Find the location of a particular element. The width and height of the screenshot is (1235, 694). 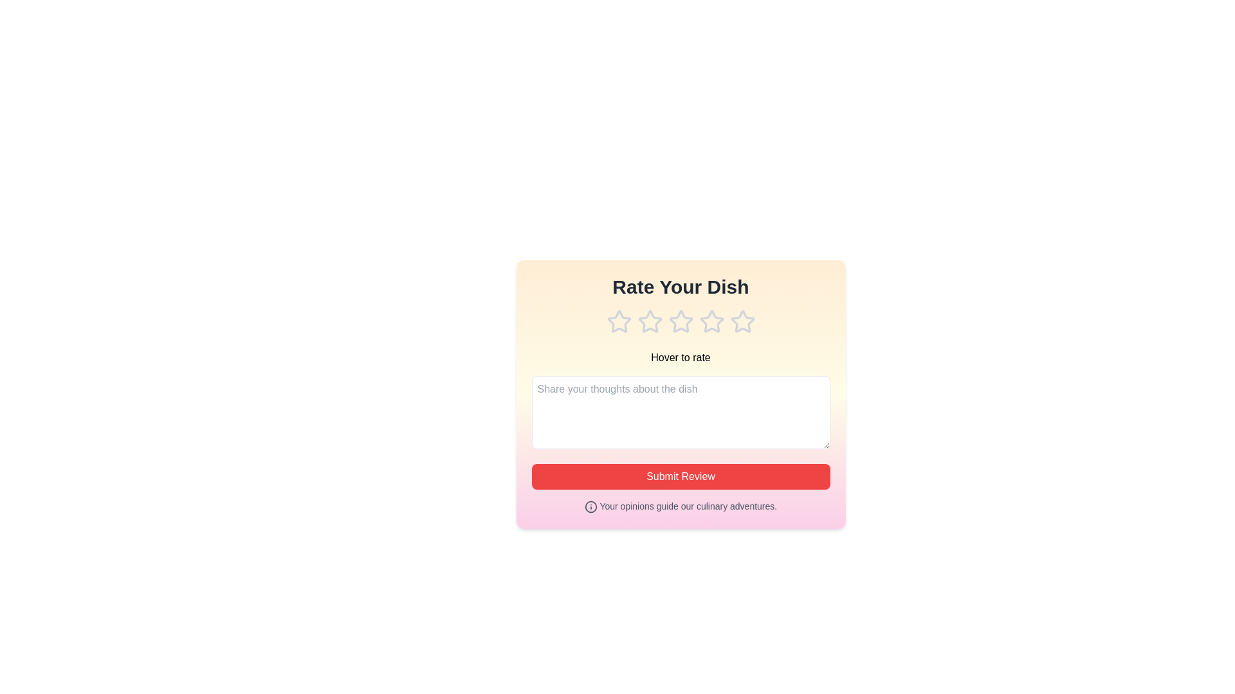

the text area and type the feedback is located at coordinates (680, 412).